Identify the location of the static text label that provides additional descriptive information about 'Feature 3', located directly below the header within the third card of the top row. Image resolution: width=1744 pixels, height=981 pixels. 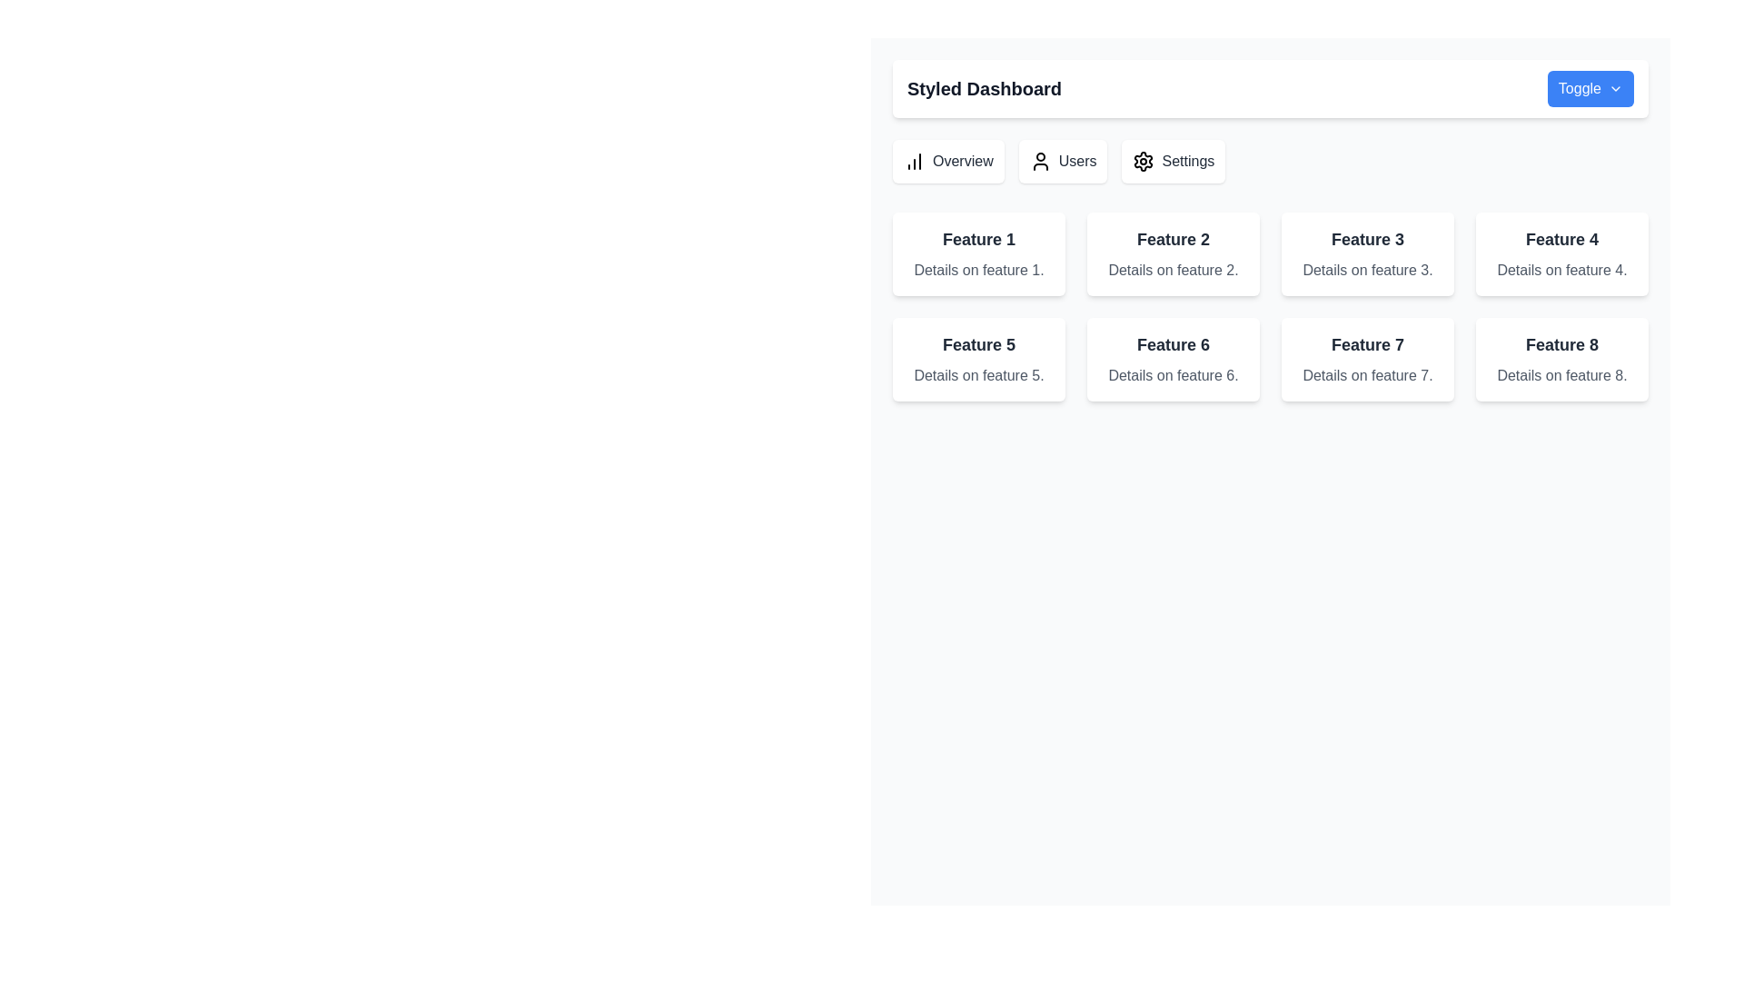
(1368, 270).